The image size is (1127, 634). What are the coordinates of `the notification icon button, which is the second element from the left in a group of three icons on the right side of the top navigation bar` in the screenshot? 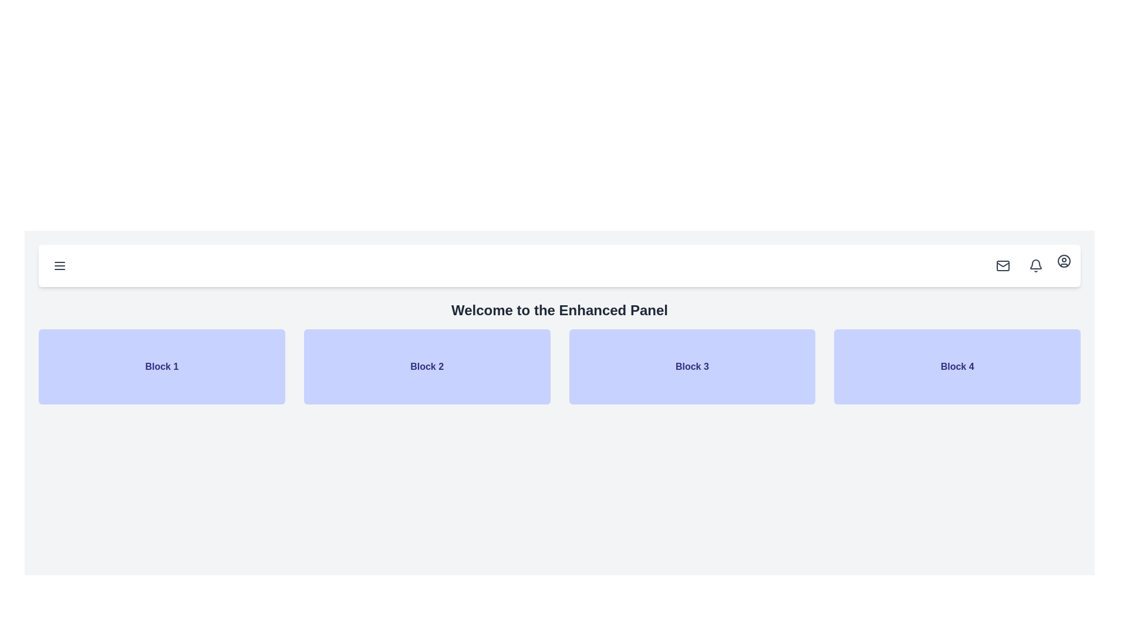 It's located at (1030, 265).